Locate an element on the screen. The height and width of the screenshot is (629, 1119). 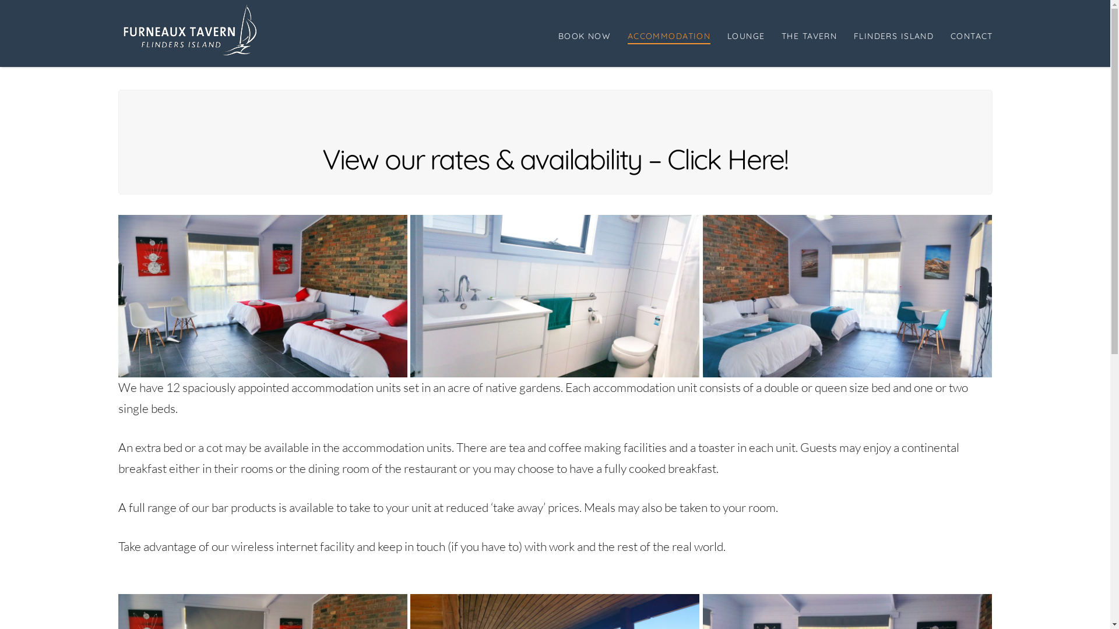
'Triple Bedroom' is located at coordinates (847, 295).